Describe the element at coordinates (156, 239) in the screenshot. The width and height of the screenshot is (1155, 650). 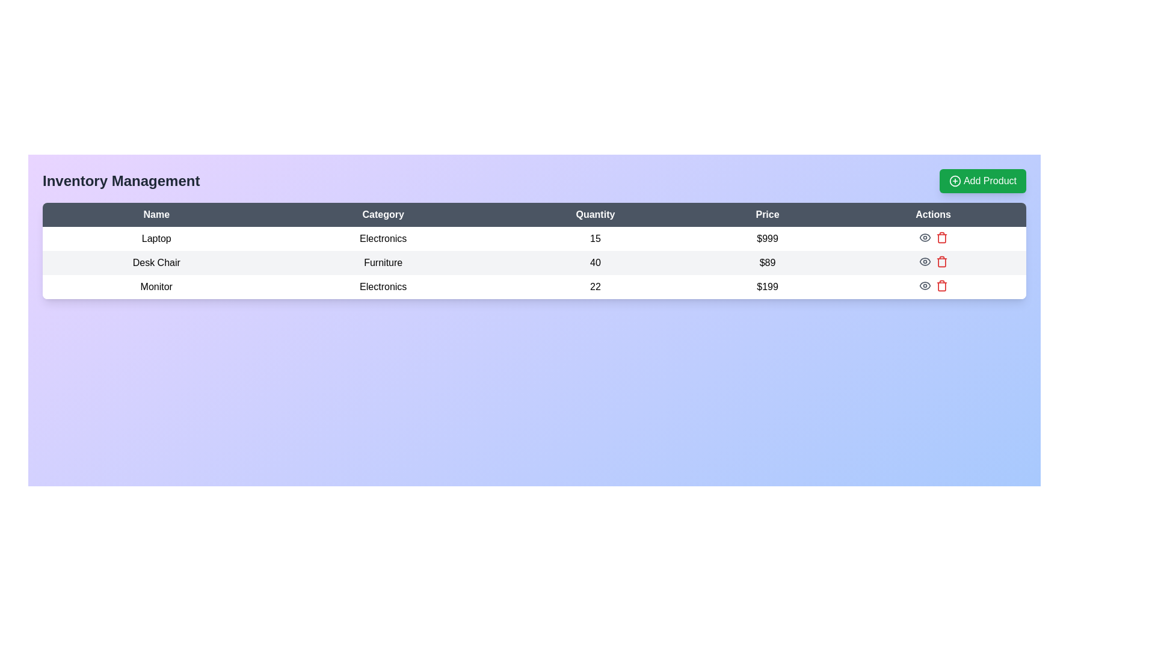
I see `the 'Laptop' label in the inventory, which is located in the first row of the data table under the 'Name' column` at that location.